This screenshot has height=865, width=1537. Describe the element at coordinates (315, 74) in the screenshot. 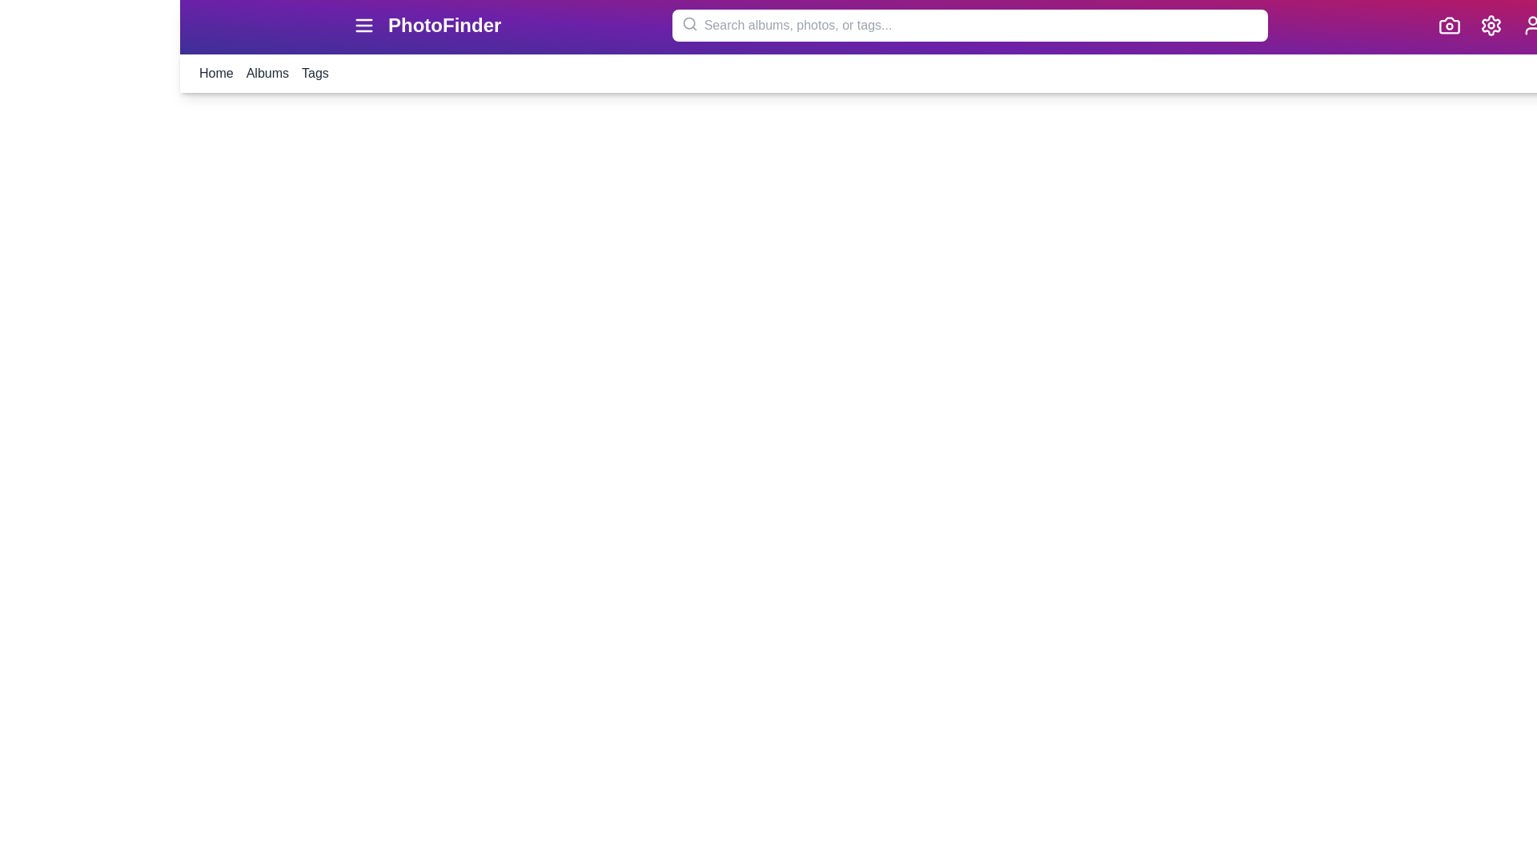

I see `the menu item Tags` at that location.